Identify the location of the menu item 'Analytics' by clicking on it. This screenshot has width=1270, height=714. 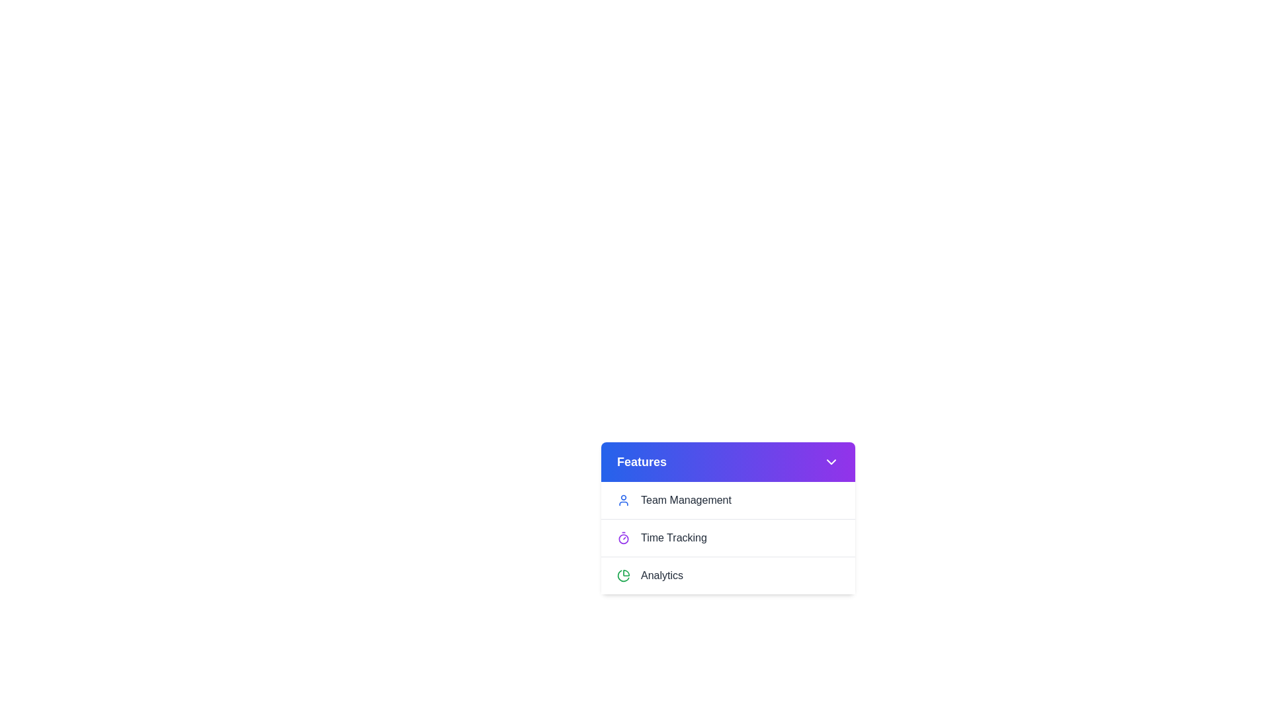
(727, 575).